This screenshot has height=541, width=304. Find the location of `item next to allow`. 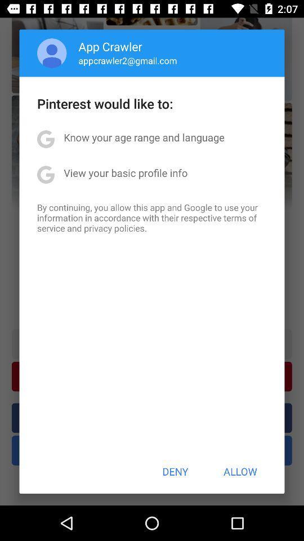

item next to allow is located at coordinates (175, 471).